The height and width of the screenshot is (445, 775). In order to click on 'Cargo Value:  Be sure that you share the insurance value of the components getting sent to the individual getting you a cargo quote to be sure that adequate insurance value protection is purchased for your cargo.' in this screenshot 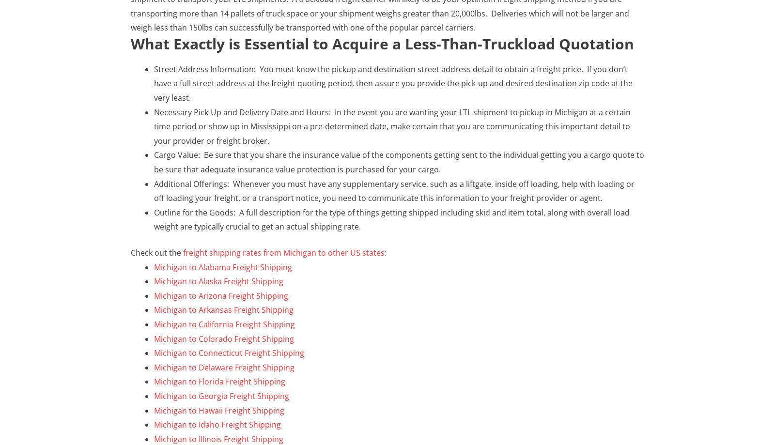, I will do `click(399, 161)`.